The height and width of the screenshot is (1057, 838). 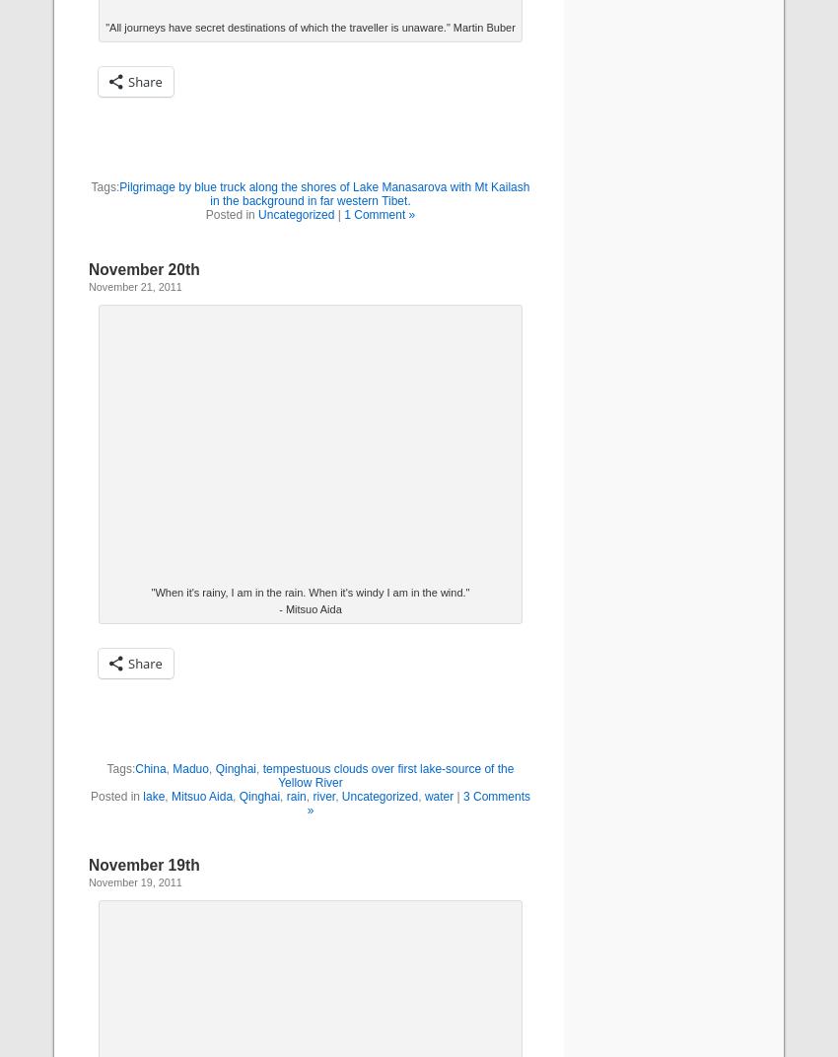 I want to click on '"All journeys have secret destinations of which the traveller is unaware." Martin Buber', so click(x=105, y=26).